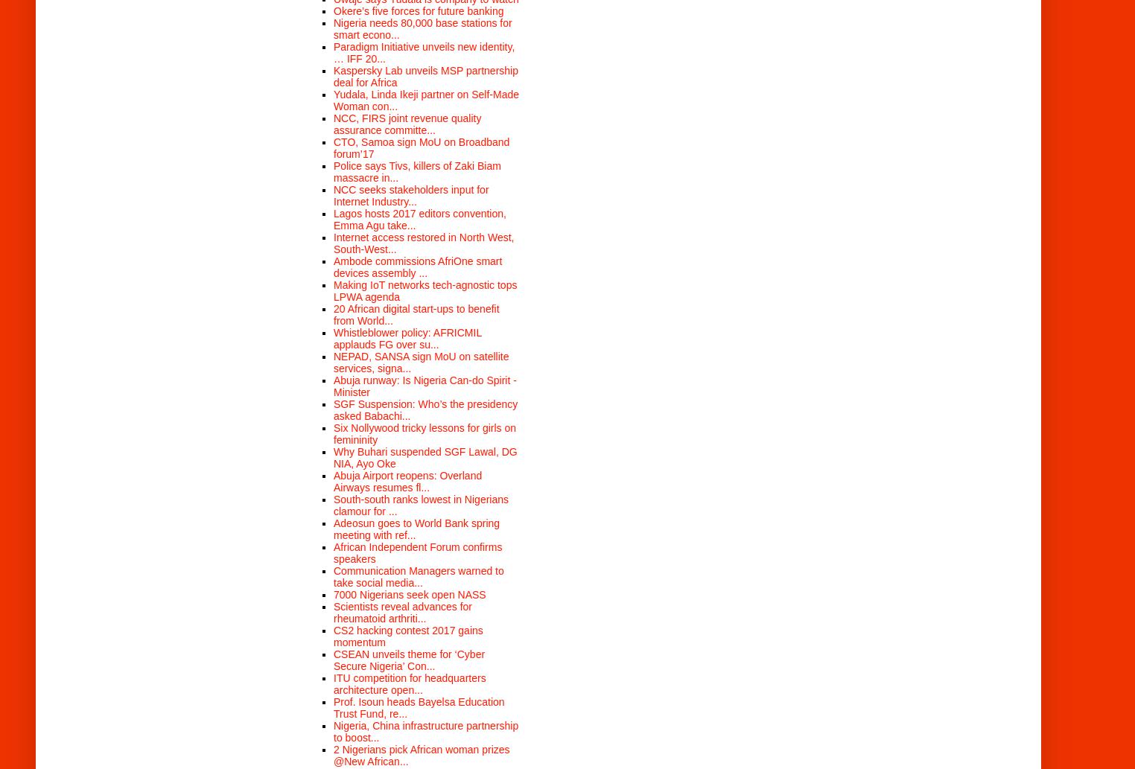  What do you see at coordinates (416, 267) in the screenshot?
I see `'Ambode commissions AfriOne smart devices assembly ...'` at bounding box center [416, 267].